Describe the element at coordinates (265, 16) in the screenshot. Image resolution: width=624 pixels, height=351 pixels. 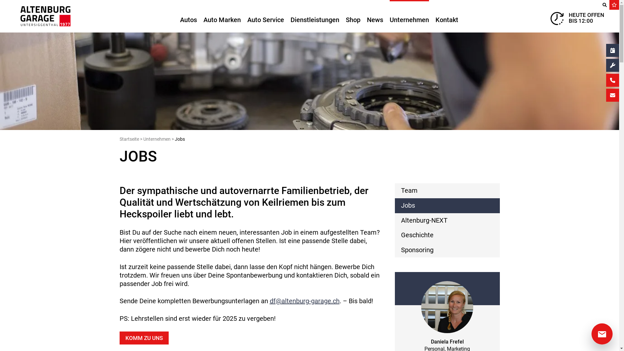
I see `'Auto Service'` at that location.